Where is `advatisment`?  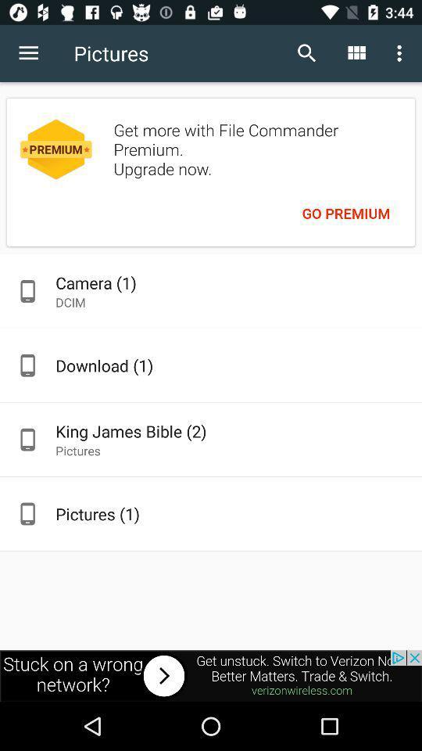 advatisment is located at coordinates (211, 675).